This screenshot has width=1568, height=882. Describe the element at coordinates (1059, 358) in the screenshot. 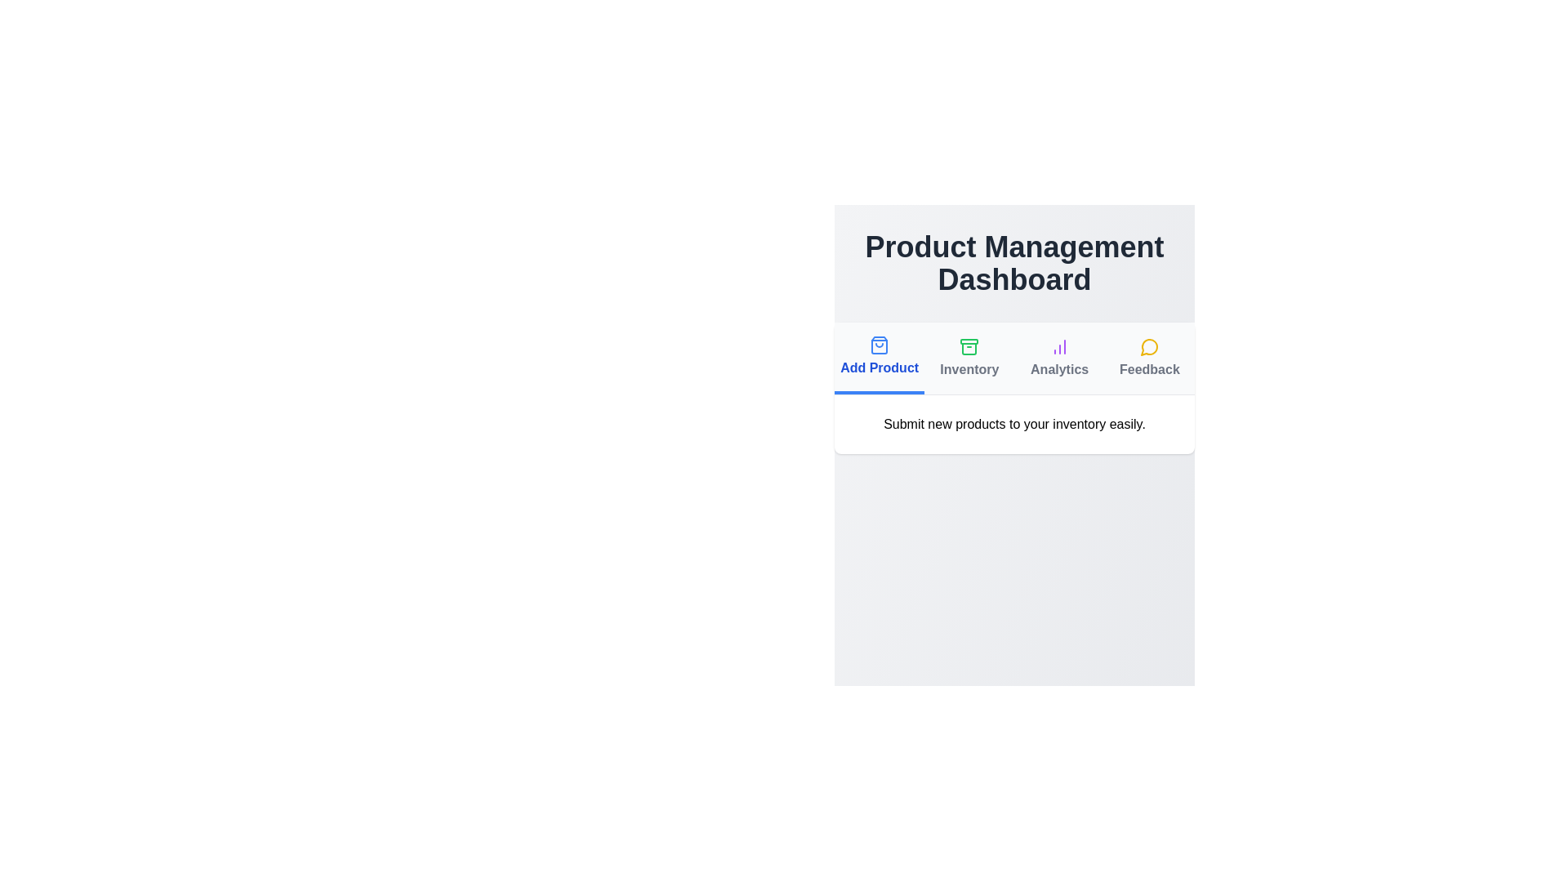

I see `the navigation button for analytics, which is the third button` at that location.